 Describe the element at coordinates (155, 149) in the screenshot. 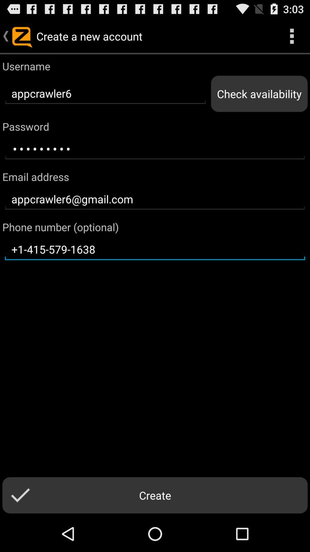

I see `text box below password text` at that location.